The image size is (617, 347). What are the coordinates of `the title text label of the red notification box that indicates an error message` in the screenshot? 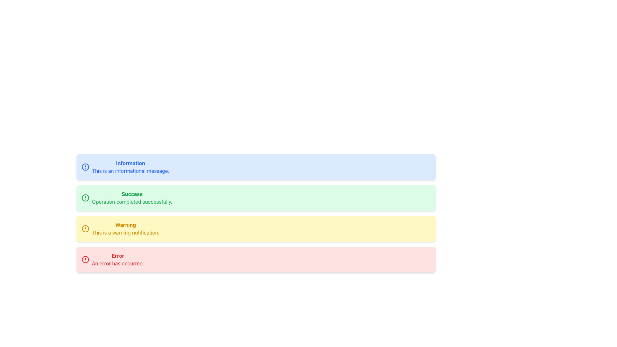 It's located at (118, 255).